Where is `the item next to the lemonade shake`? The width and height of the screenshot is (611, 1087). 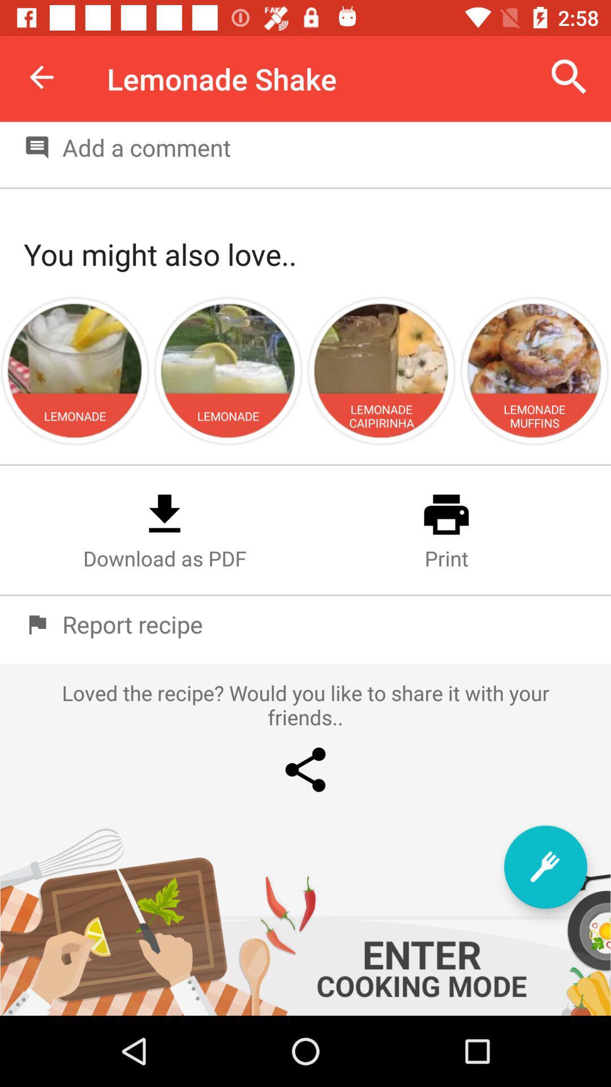 the item next to the lemonade shake is located at coordinates (569, 76).